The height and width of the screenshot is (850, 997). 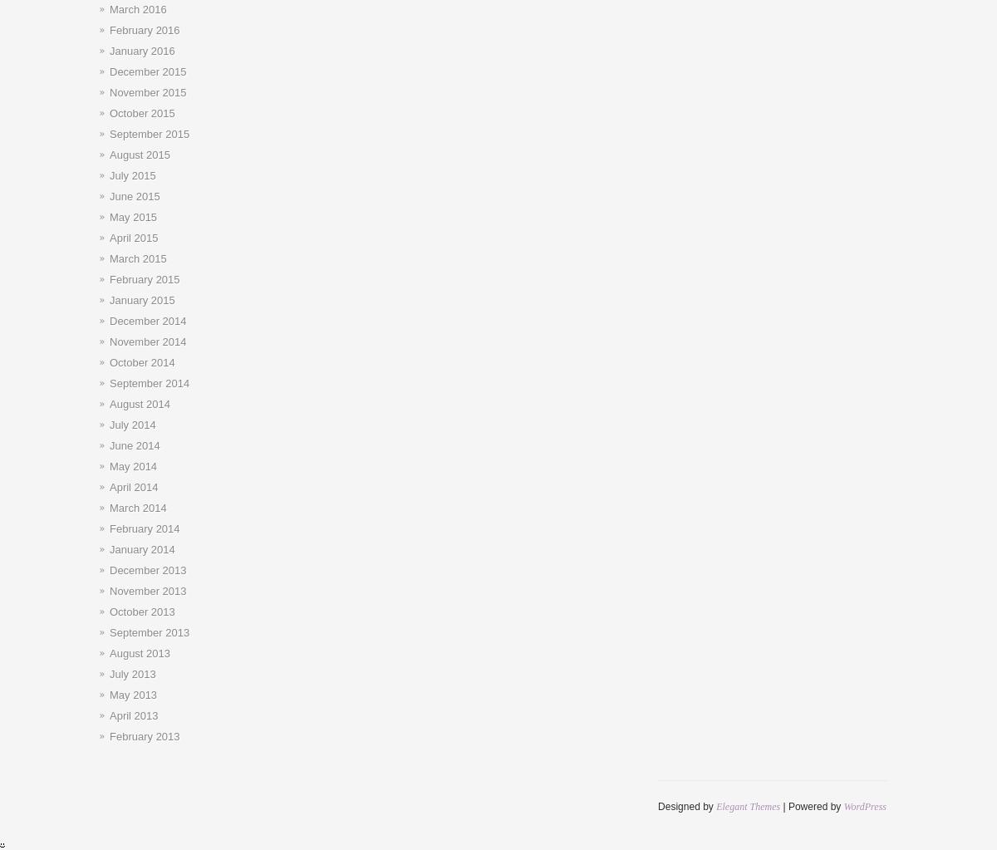 I want to click on 'June 2015', so click(x=134, y=195).